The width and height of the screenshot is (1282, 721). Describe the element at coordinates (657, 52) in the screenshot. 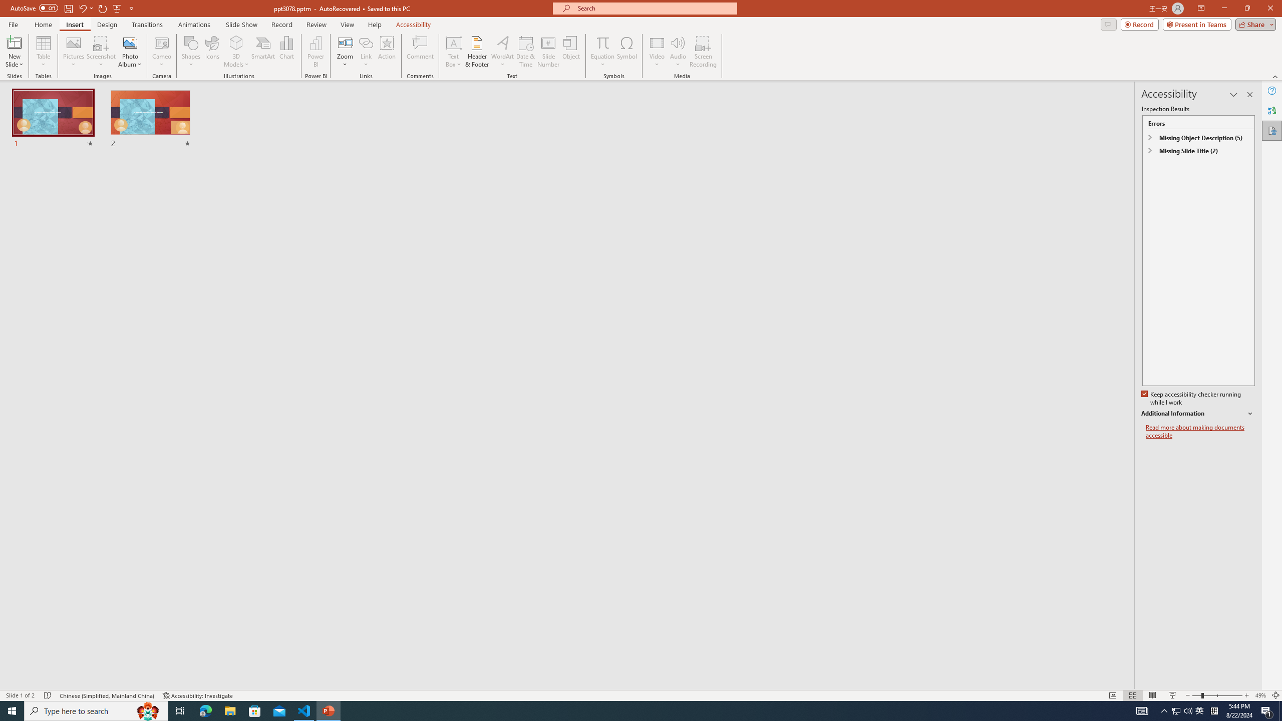

I see `'Video'` at that location.